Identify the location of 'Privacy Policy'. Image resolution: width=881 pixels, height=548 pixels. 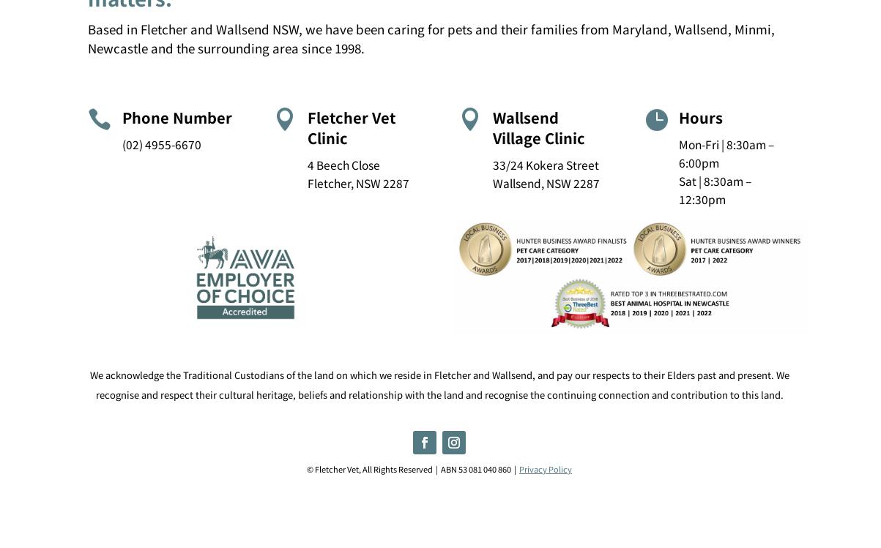
(545, 468).